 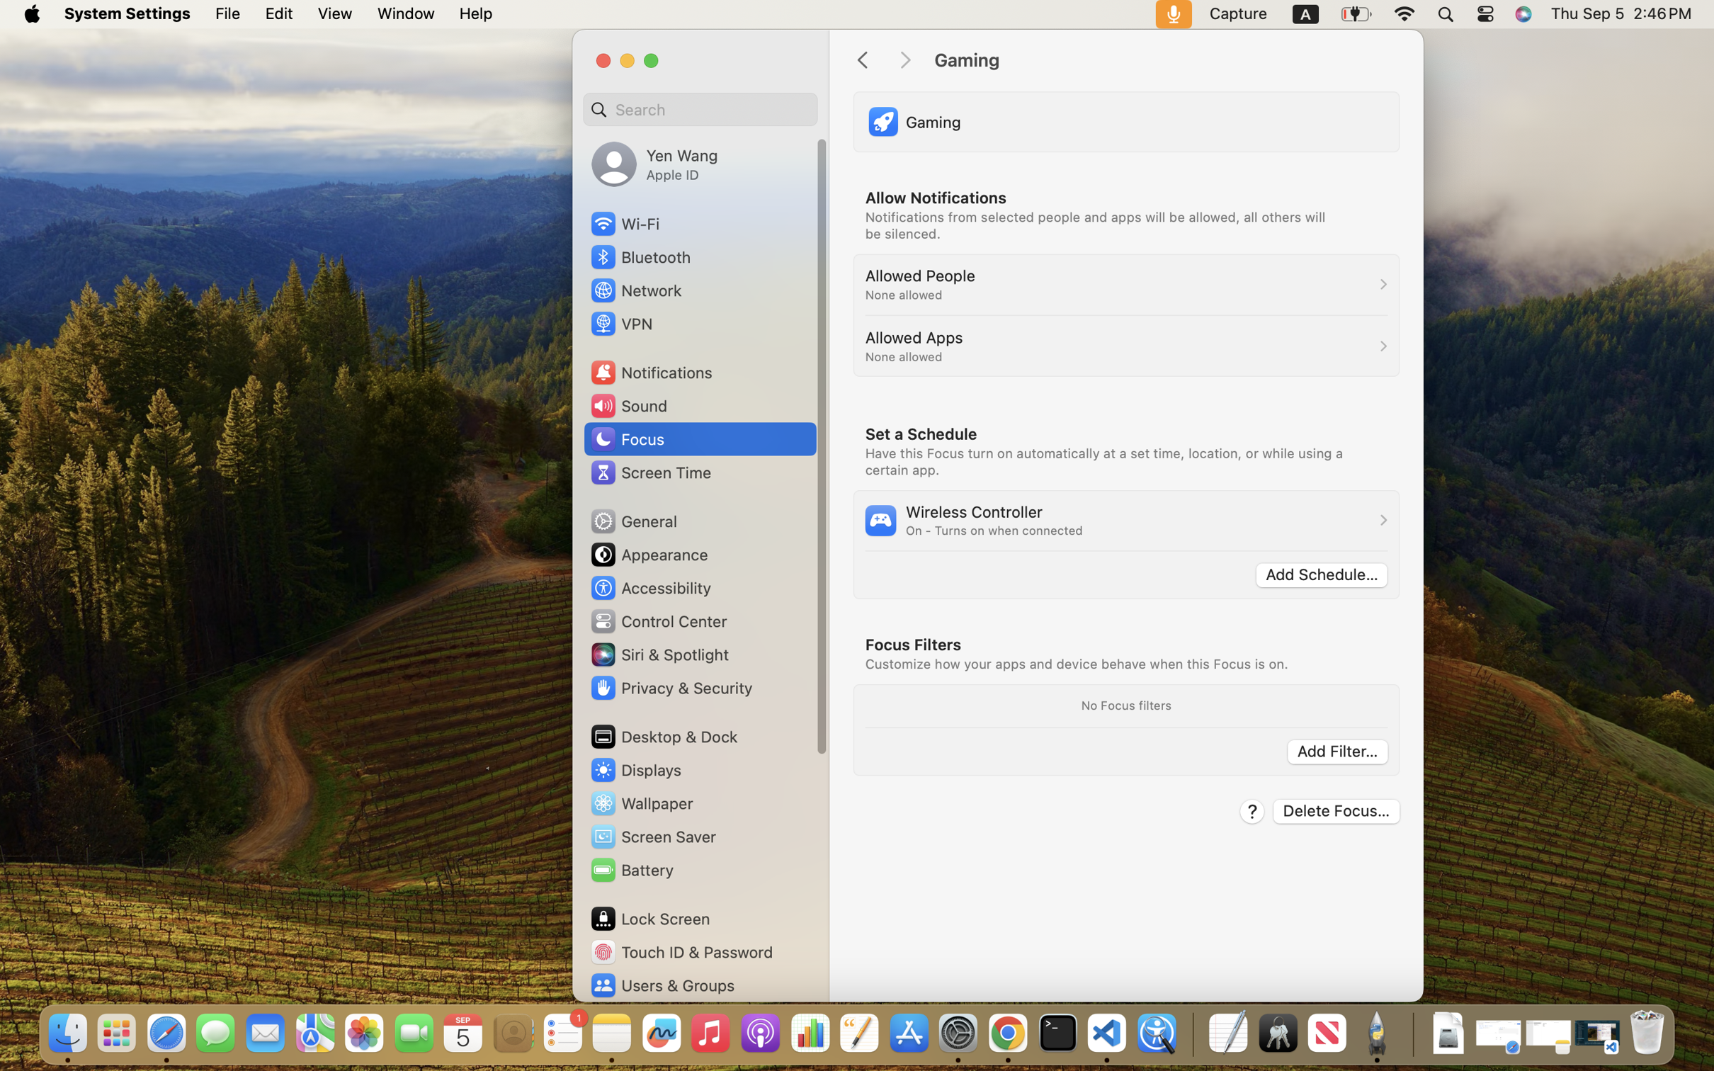 What do you see at coordinates (658, 620) in the screenshot?
I see `'Control Center'` at bounding box center [658, 620].